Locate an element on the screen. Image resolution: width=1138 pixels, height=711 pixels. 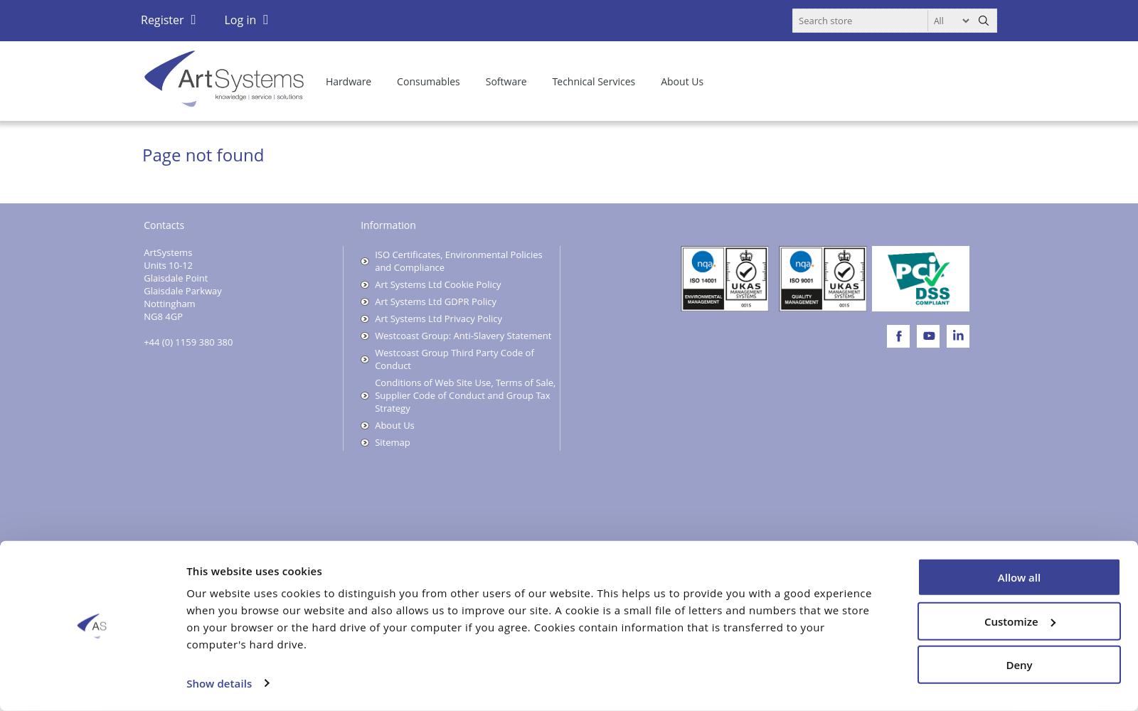
'Hardware' is located at coordinates (348, 80).